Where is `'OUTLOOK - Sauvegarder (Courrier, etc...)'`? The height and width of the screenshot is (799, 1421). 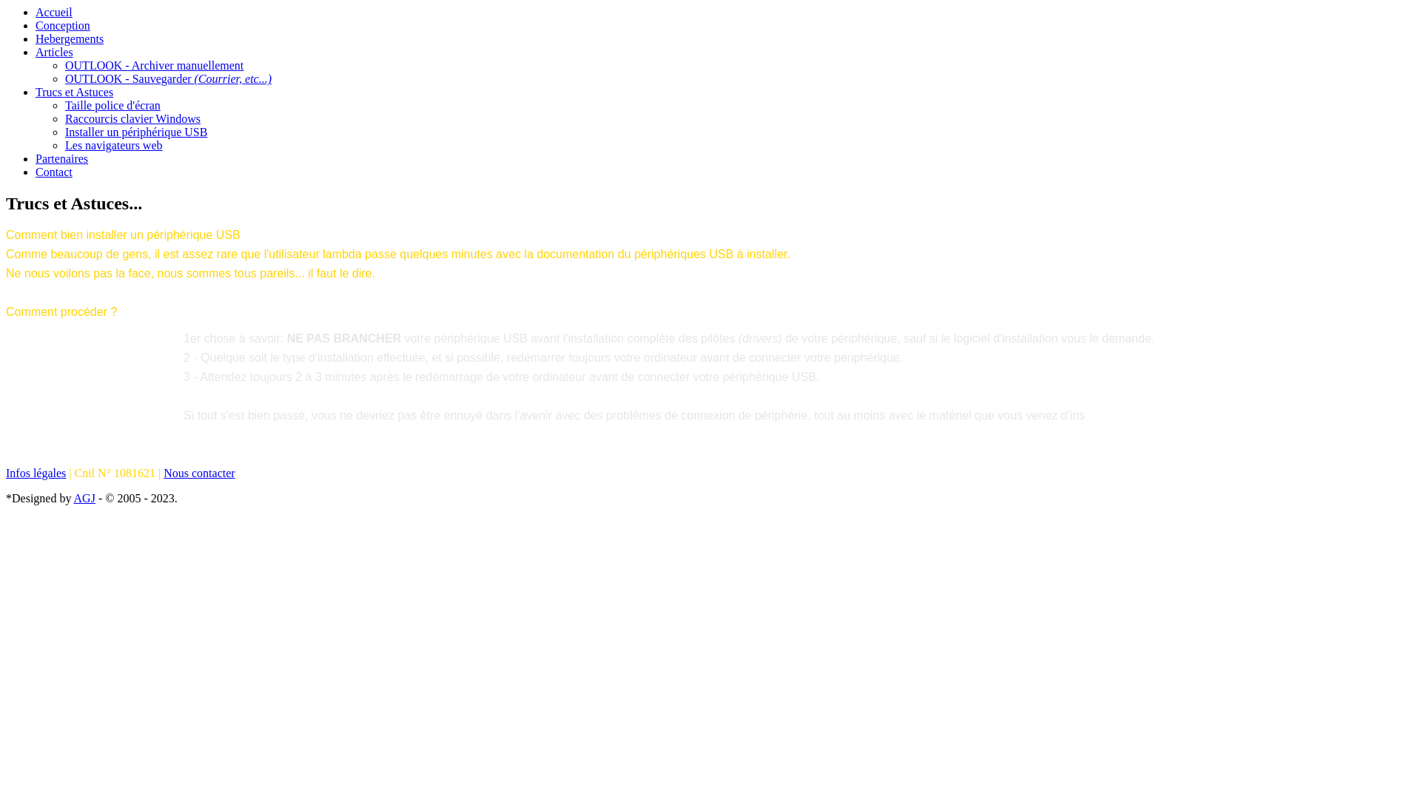 'OUTLOOK - Sauvegarder (Courrier, etc...)' is located at coordinates (168, 78).